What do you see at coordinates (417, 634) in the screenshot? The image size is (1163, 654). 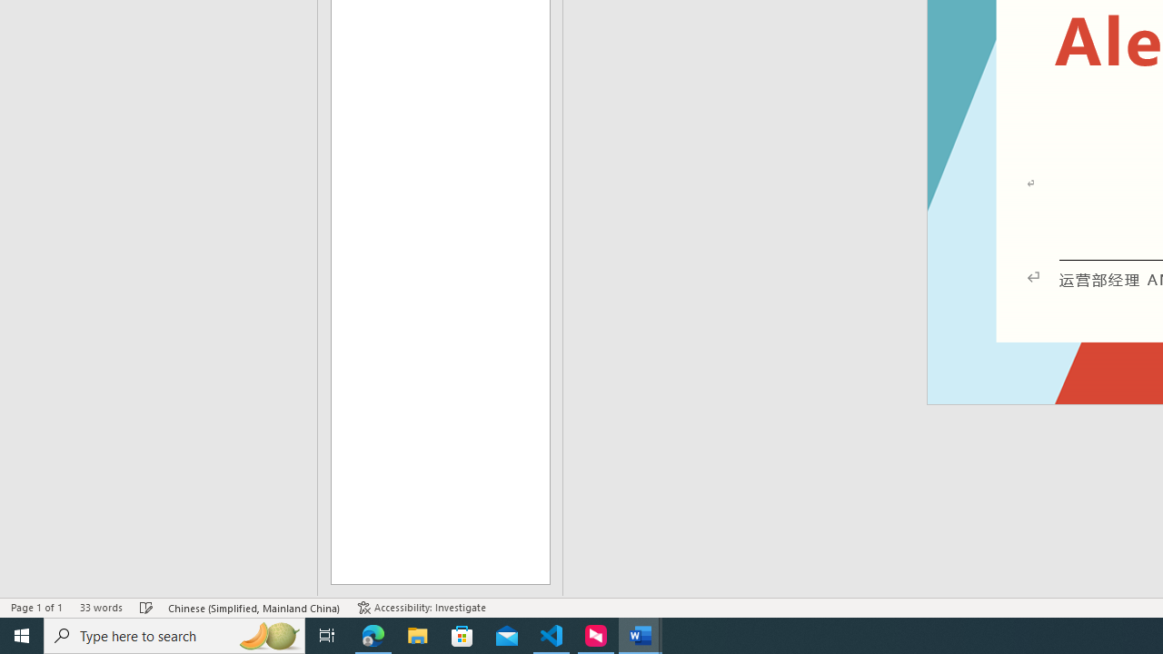 I see `'File Explorer'` at bounding box center [417, 634].